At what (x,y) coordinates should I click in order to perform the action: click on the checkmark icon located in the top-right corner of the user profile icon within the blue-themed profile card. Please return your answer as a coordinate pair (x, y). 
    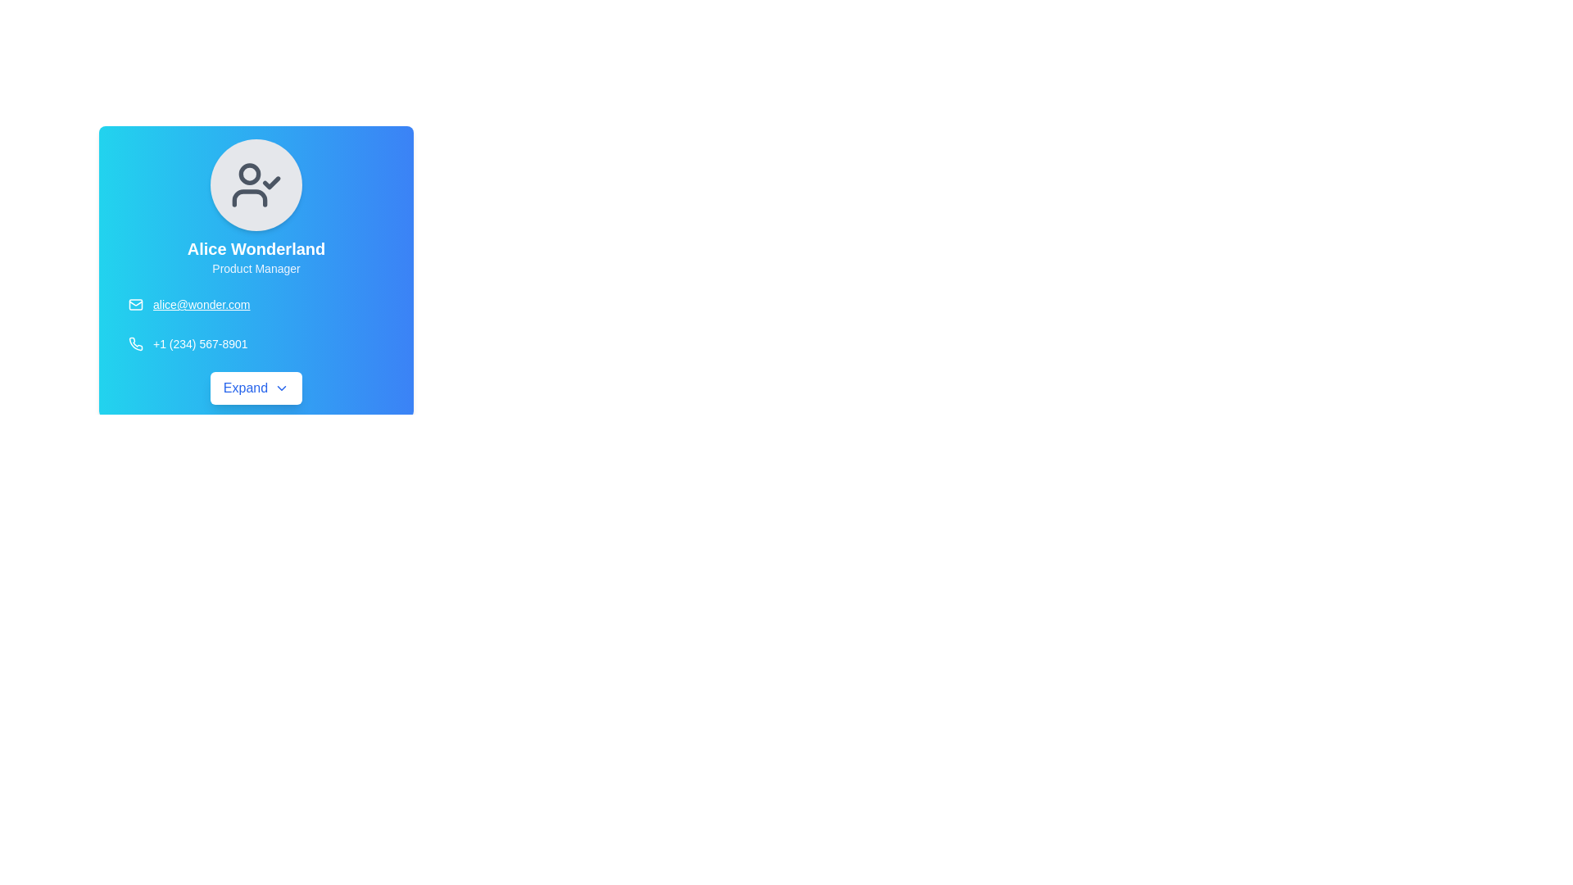
    Looking at the image, I should click on (271, 183).